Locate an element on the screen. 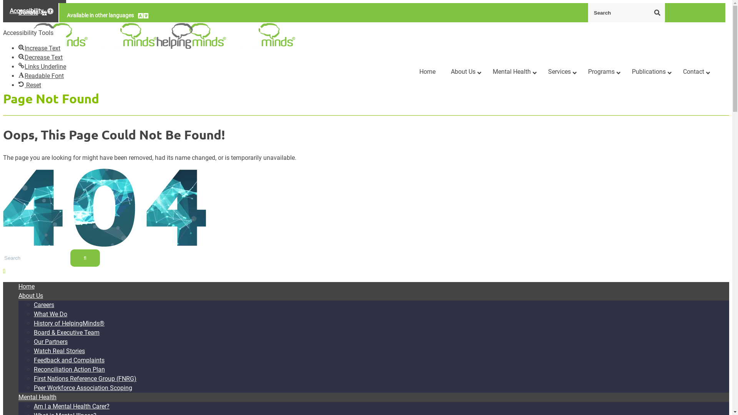 The height and width of the screenshot is (415, 738). 'Programs' is located at coordinates (602, 72).